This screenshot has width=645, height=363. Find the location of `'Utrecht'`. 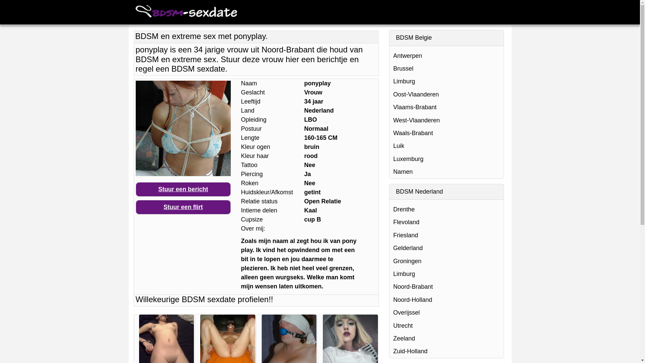

'Utrecht' is located at coordinates (446, 325).